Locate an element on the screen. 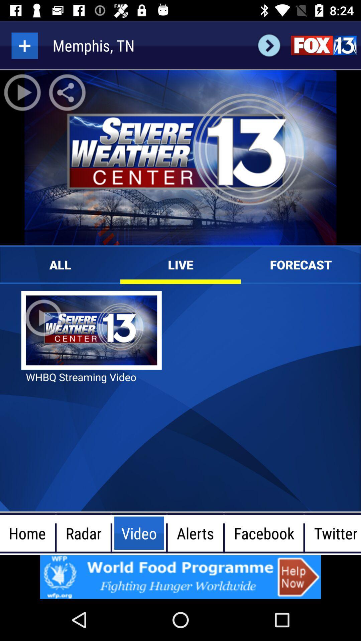  google advertisements is located at coordinates (180, 577).